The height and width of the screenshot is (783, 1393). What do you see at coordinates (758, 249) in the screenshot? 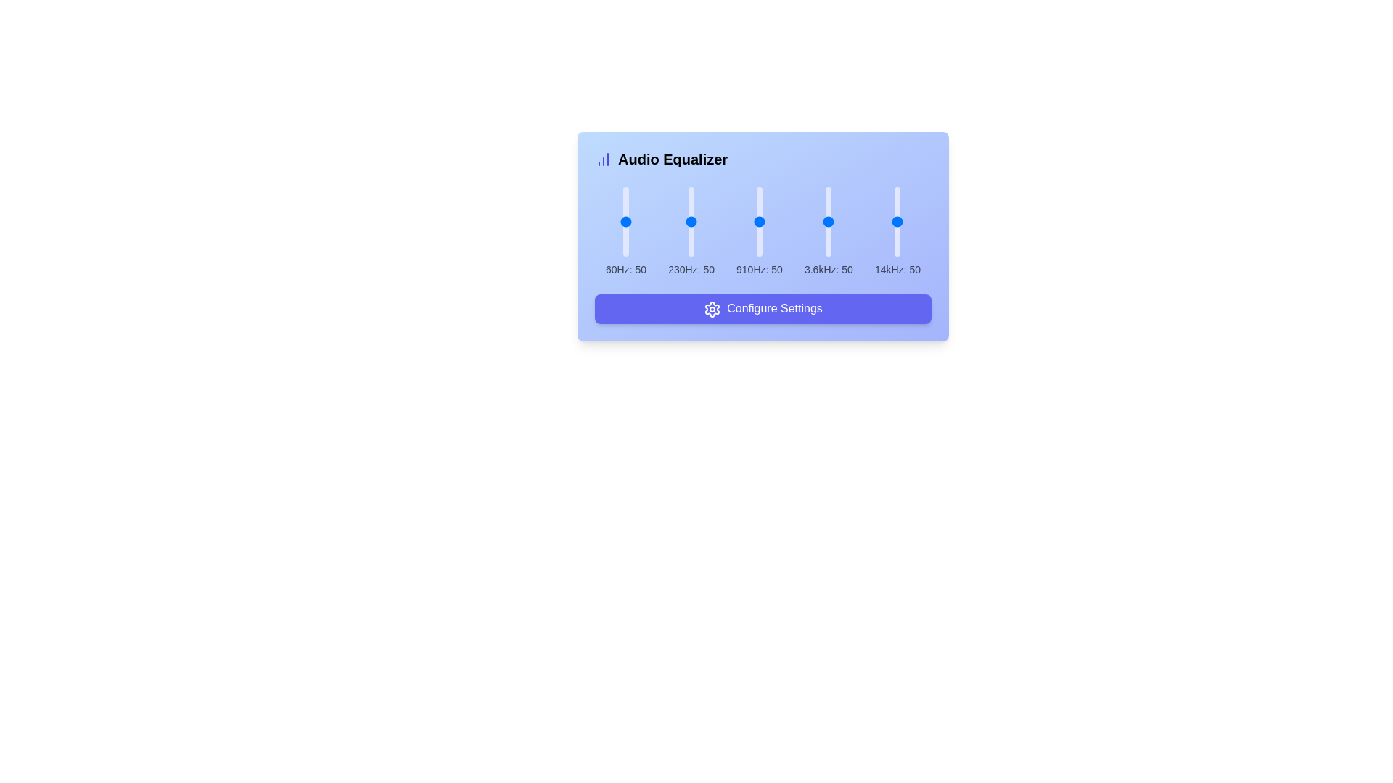
I see `the 910Hz slider` at bounding box center [758, 249].